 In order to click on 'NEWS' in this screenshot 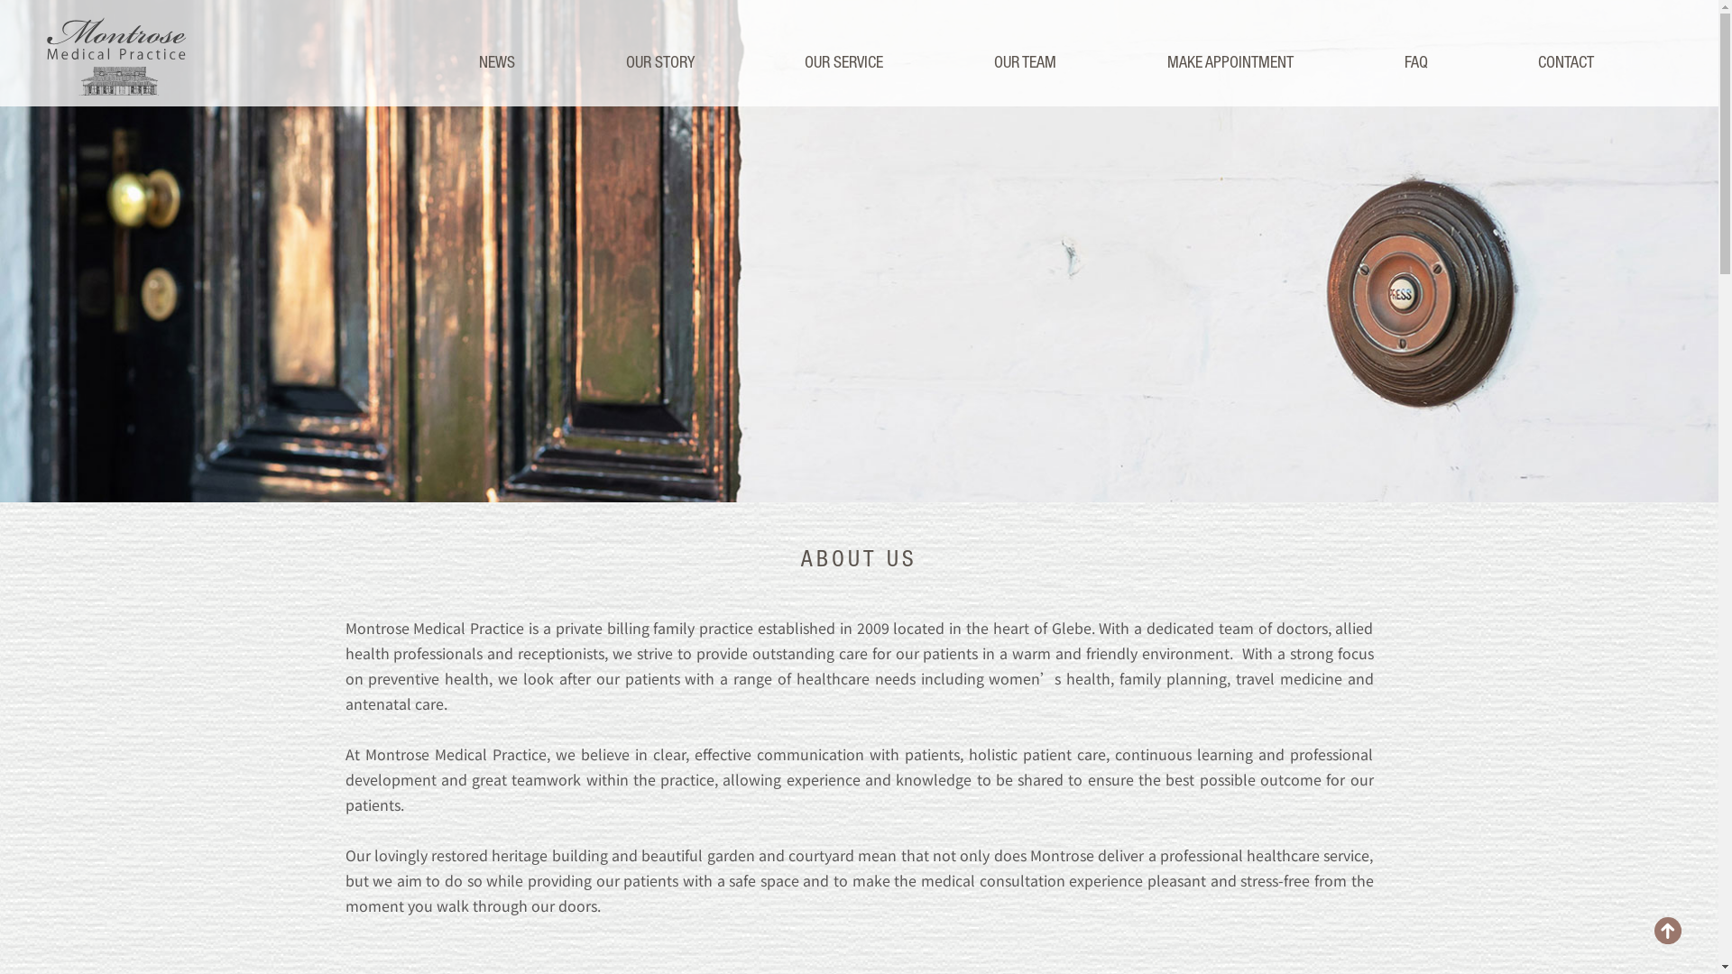, I will do `click(479, 61)`.